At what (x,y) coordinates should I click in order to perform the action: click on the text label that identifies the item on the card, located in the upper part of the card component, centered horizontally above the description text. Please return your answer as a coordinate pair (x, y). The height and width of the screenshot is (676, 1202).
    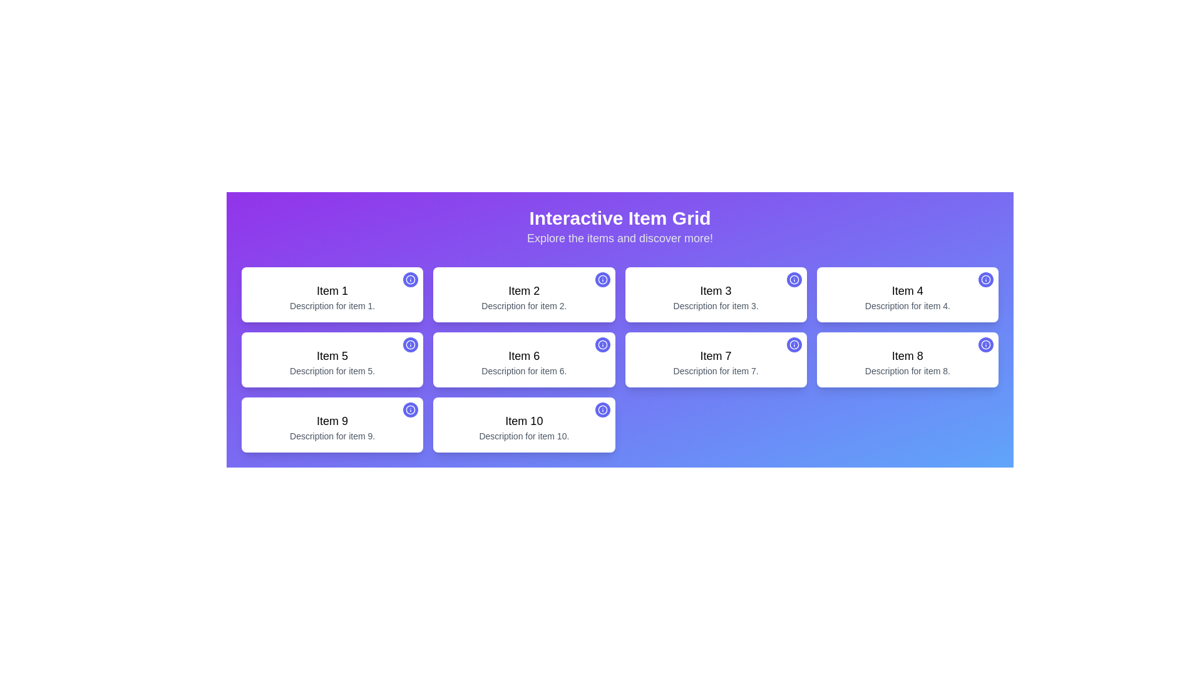
    Looking at the image, I should click on (716, 291).